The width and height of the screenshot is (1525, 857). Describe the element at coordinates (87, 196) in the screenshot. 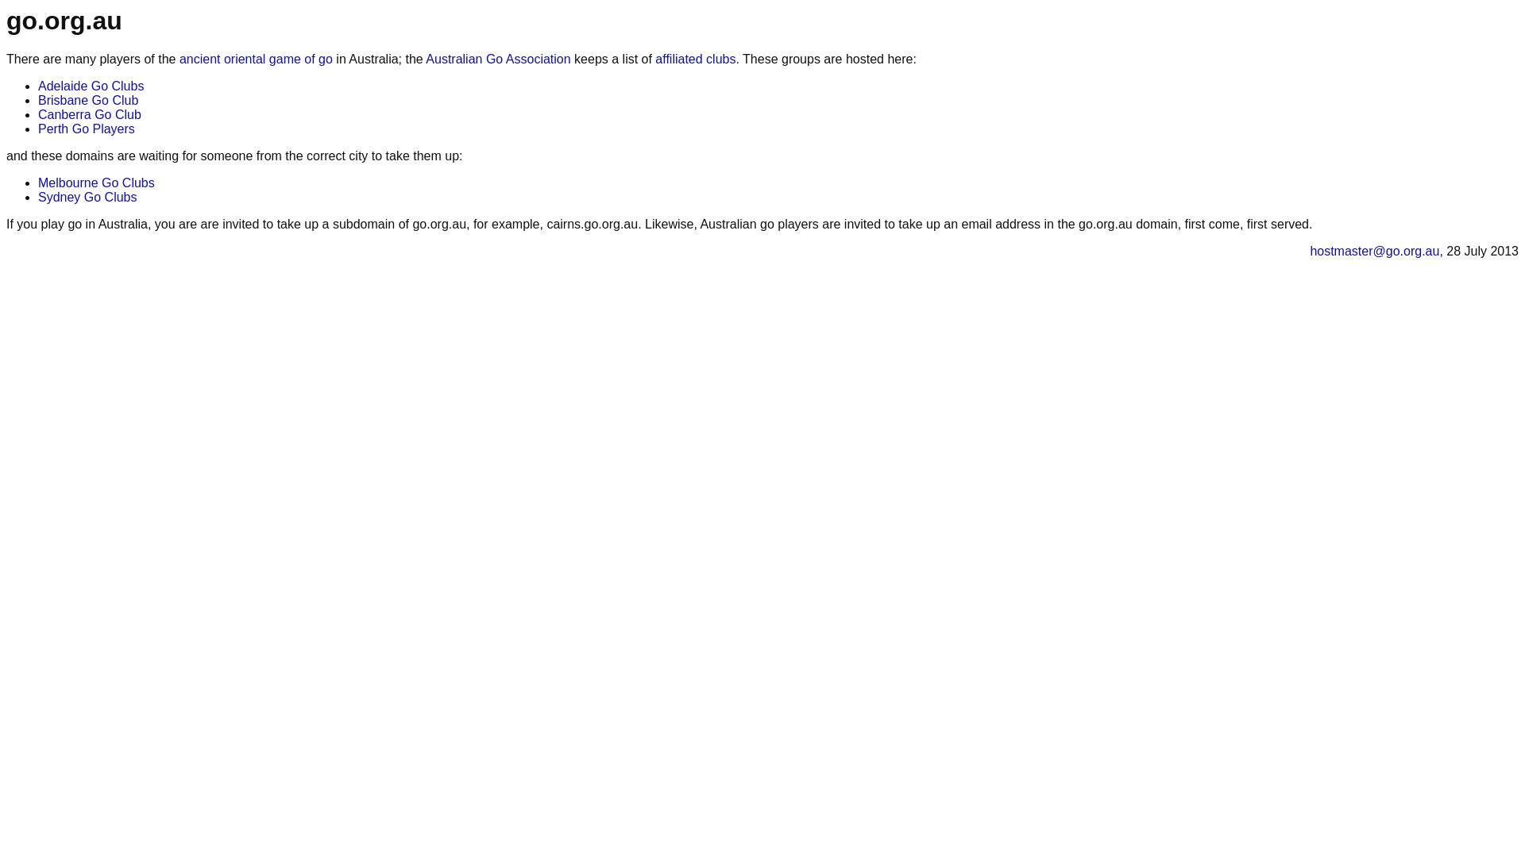

I see `'Sydney Go Clubs'` at that location.